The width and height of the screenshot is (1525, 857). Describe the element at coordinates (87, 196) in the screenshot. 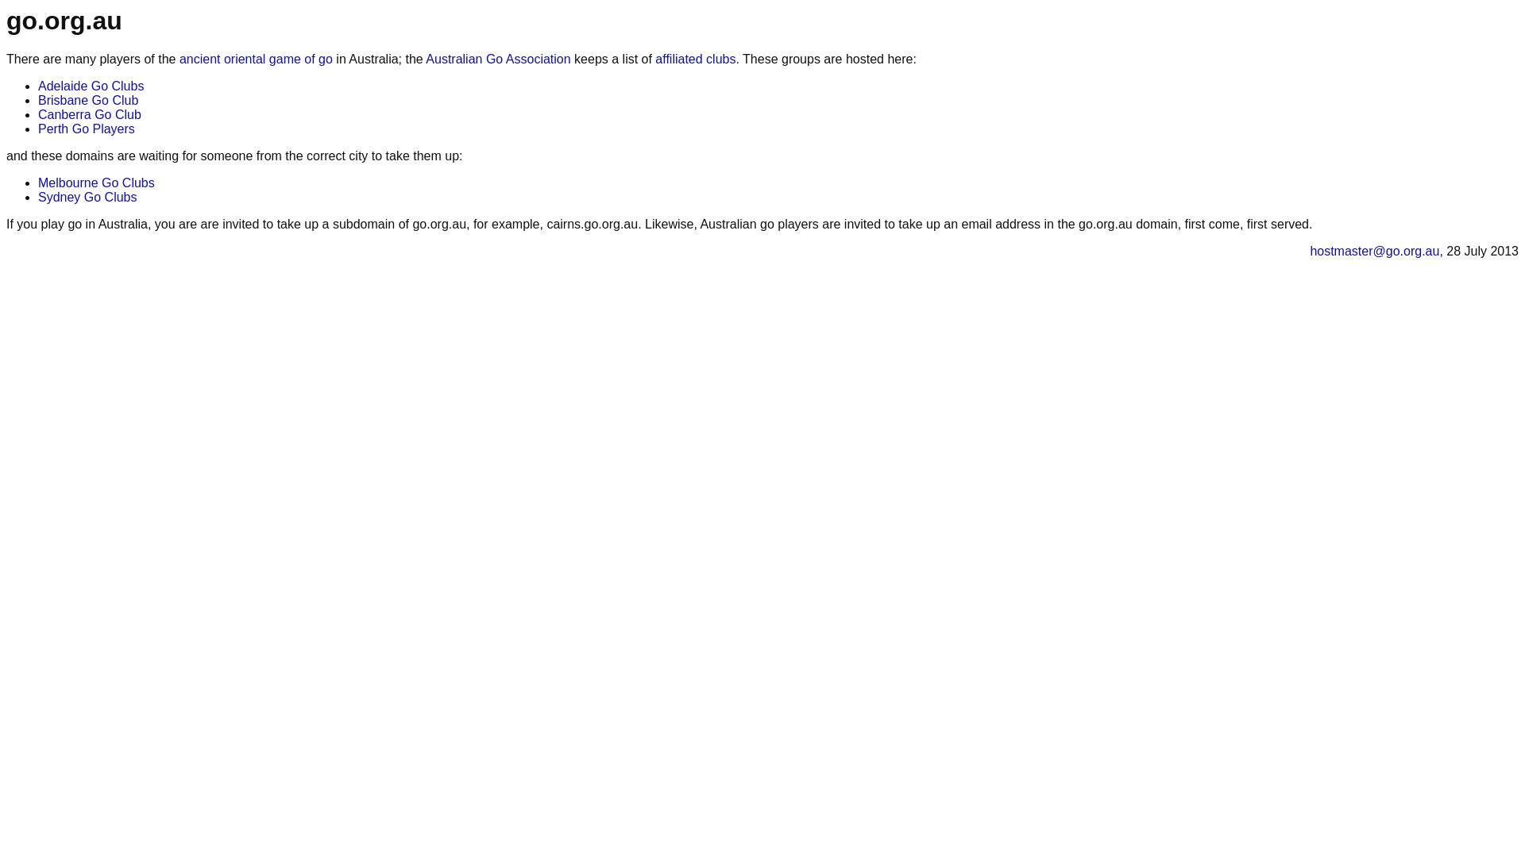

I see `'Sydney Go Clubs'` at that location.